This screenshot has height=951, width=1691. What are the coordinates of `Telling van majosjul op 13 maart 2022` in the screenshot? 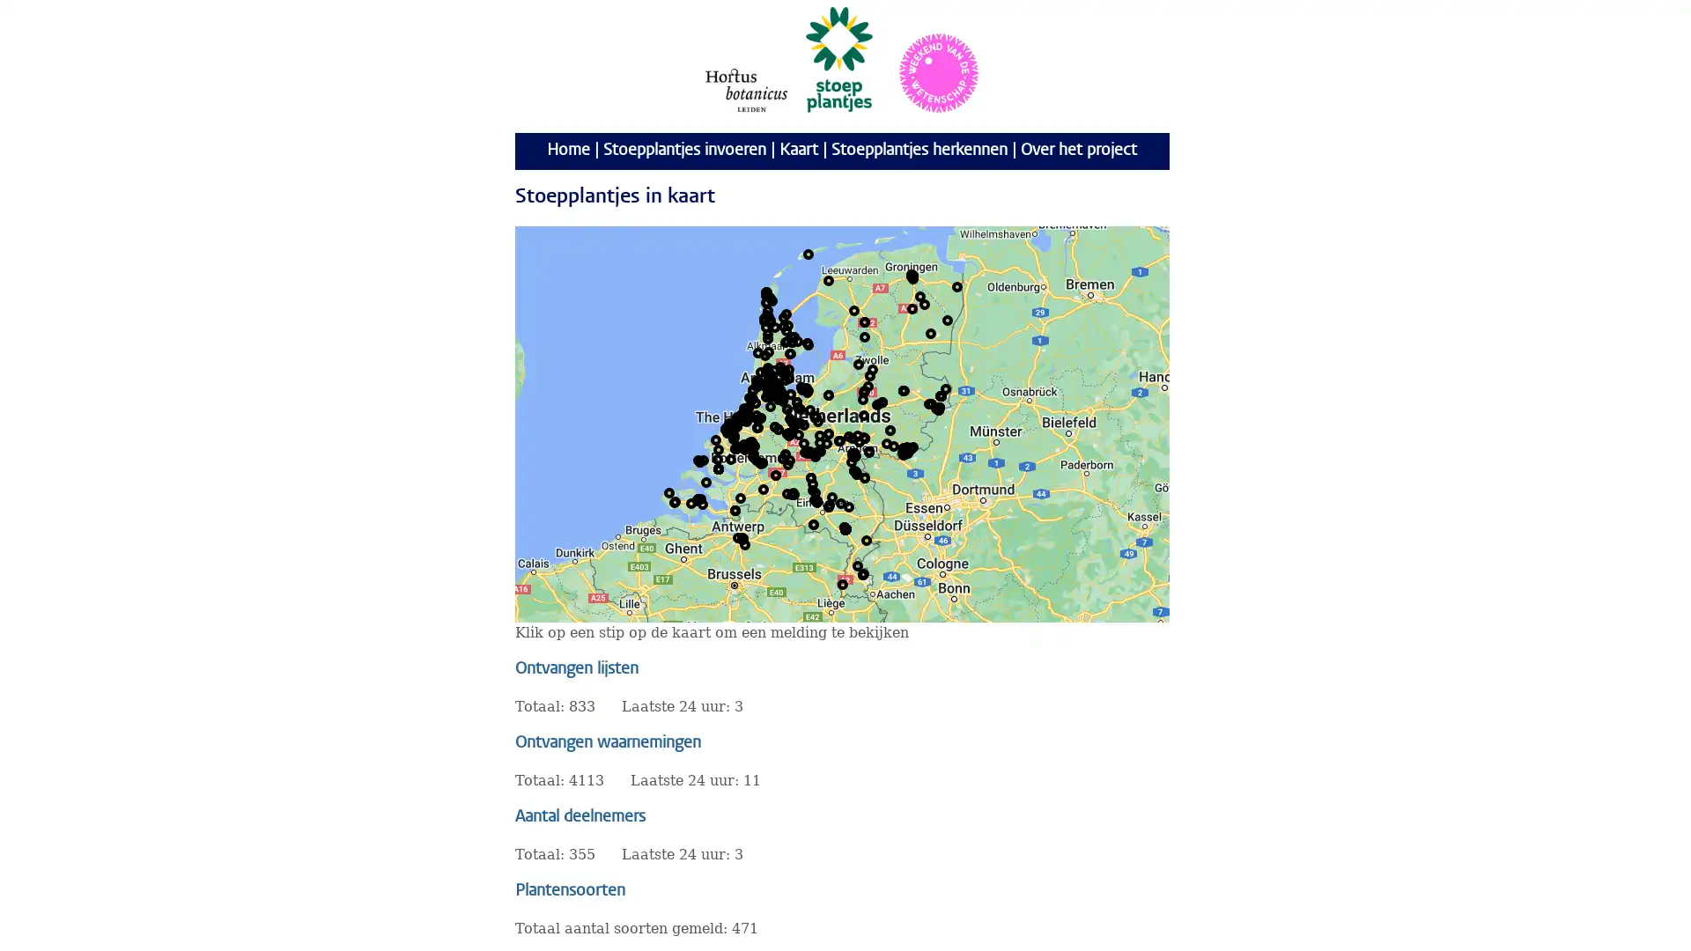 It's located at (743, 415).